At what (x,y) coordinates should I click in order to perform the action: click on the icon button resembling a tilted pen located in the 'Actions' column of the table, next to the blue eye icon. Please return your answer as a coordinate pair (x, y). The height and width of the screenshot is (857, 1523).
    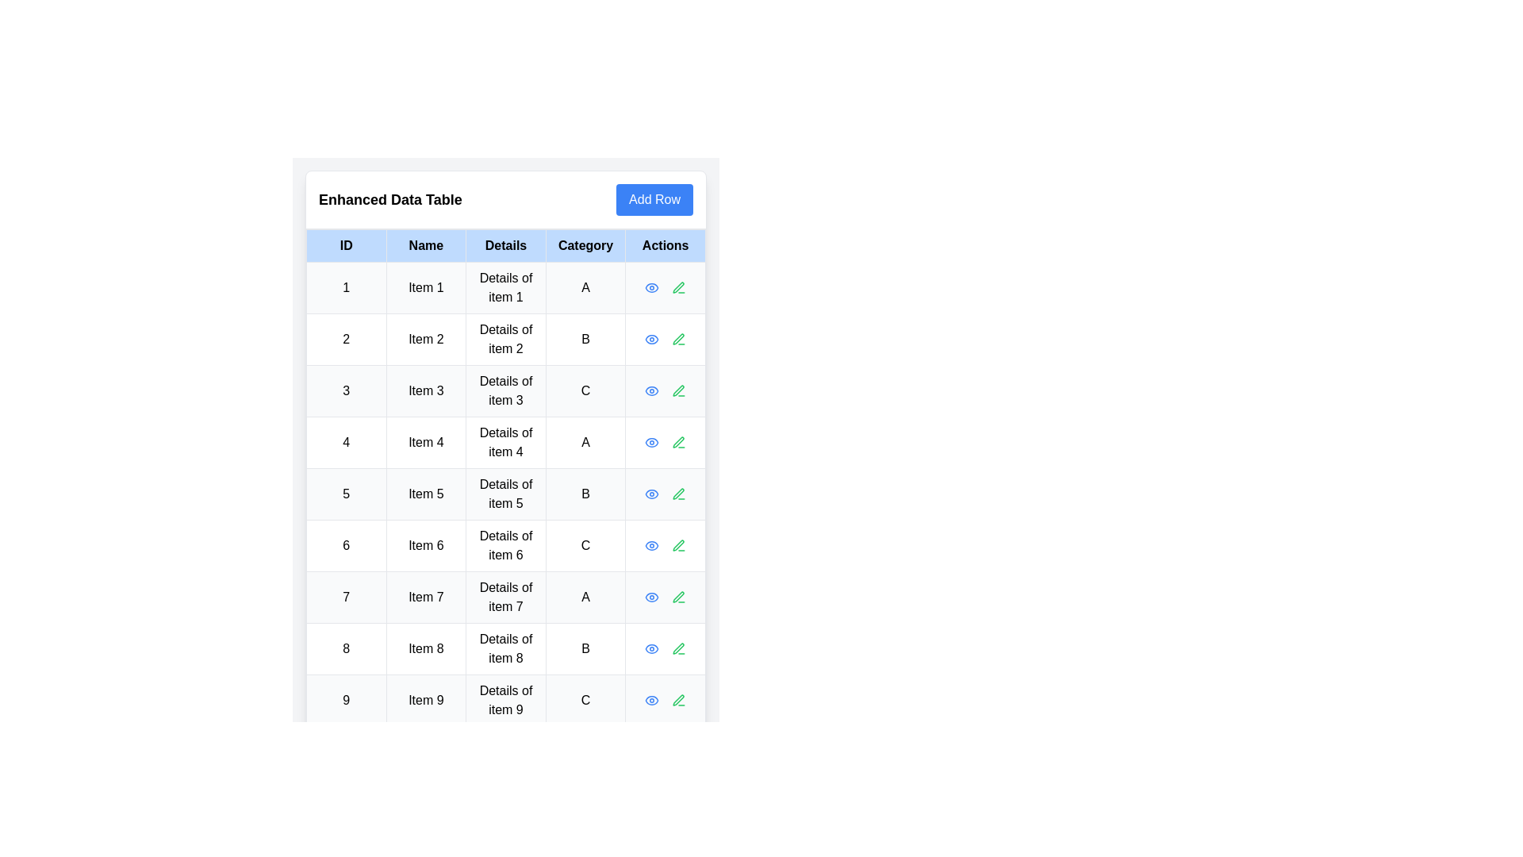
    Looking at the image, I should click on (678, 699).